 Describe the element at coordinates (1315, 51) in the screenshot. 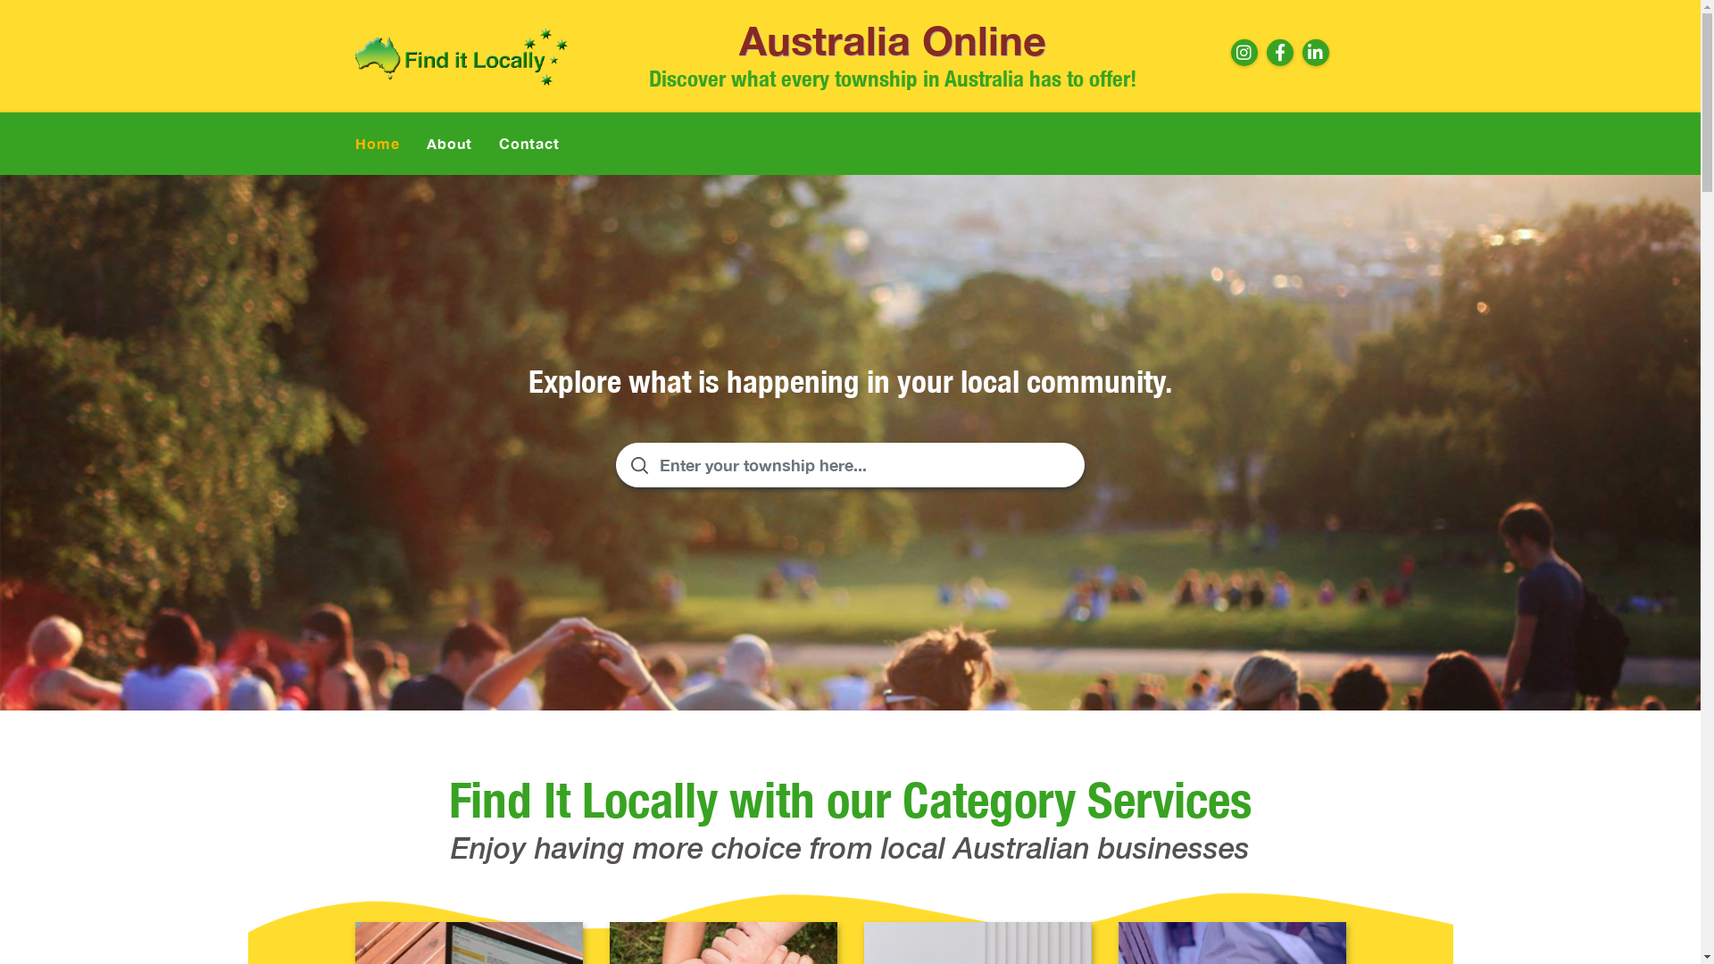

I see `'Linkdin'` at that location.